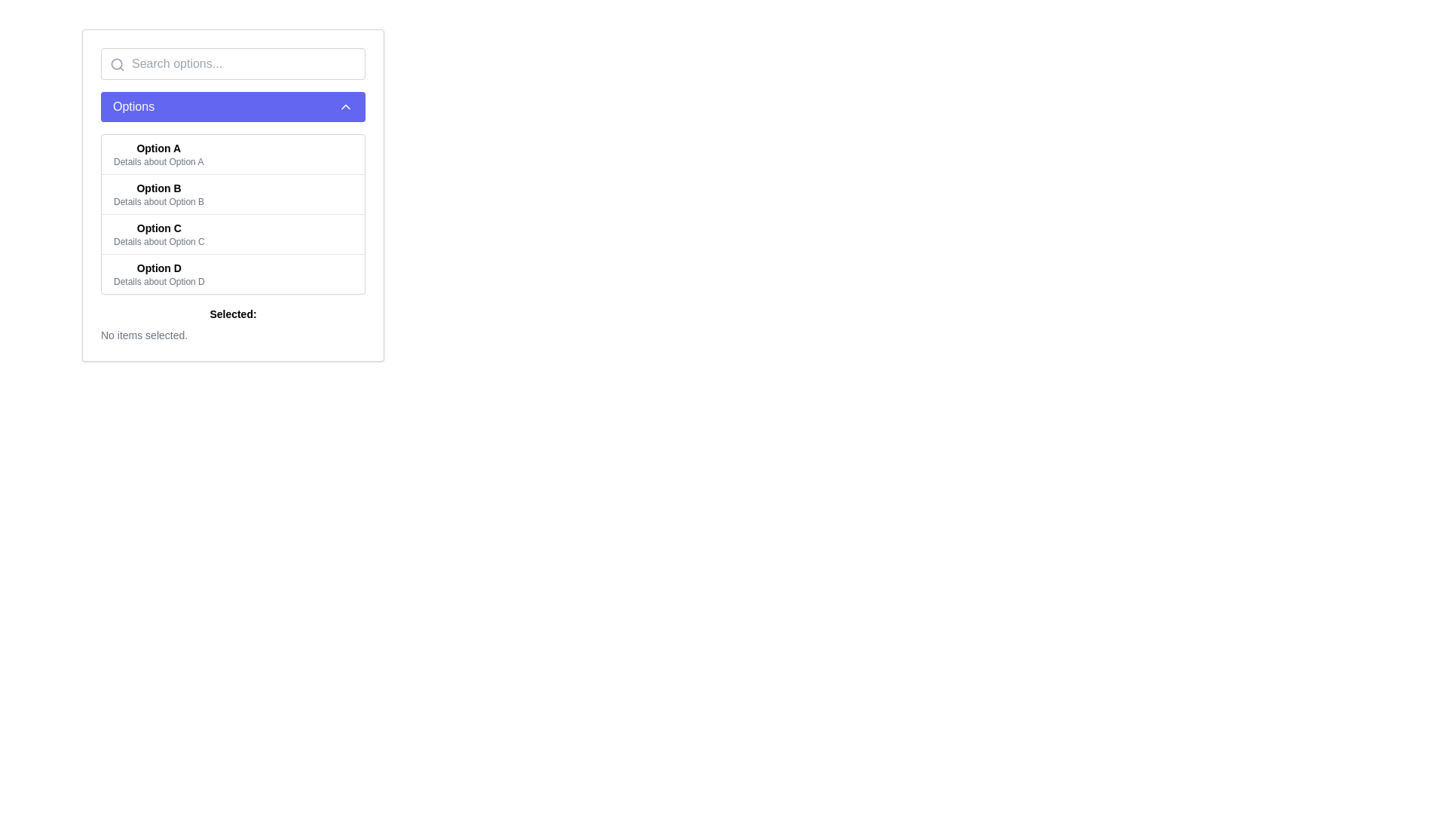 This screenshot has height=814, width=1447. Describe the element at coordinates (232, 194) in the screenshot. I see `the second selectable option in the list, which is located below 'Option A' and above 'Option C'` at that location.